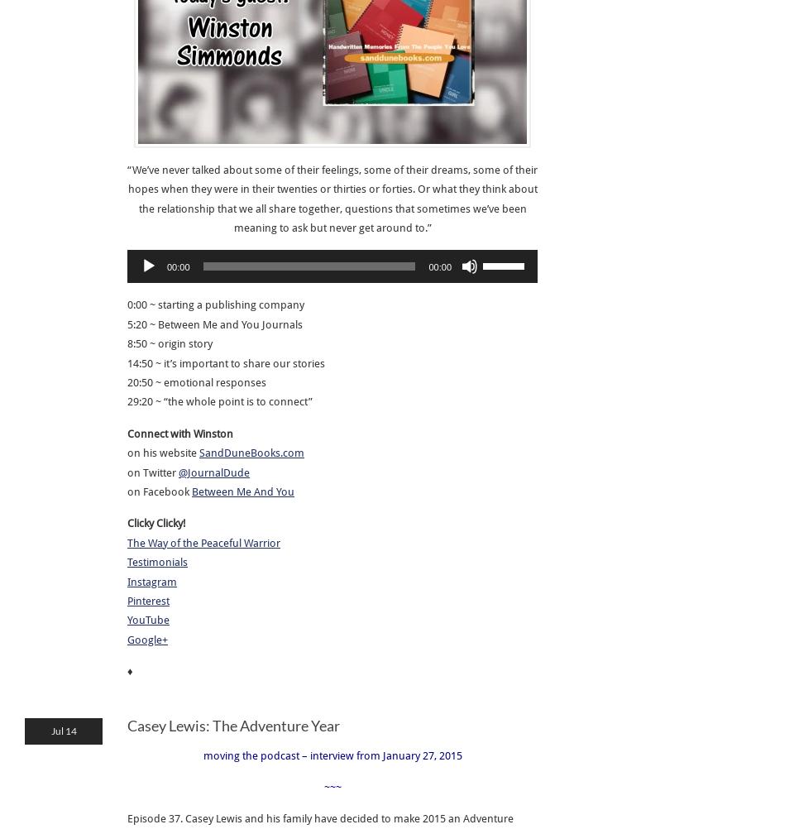 The height and width of the screenshot is (834, 794). Describe the element at coordinates (147, 620) in the screenshot. I see `'YouTube'` at that location.